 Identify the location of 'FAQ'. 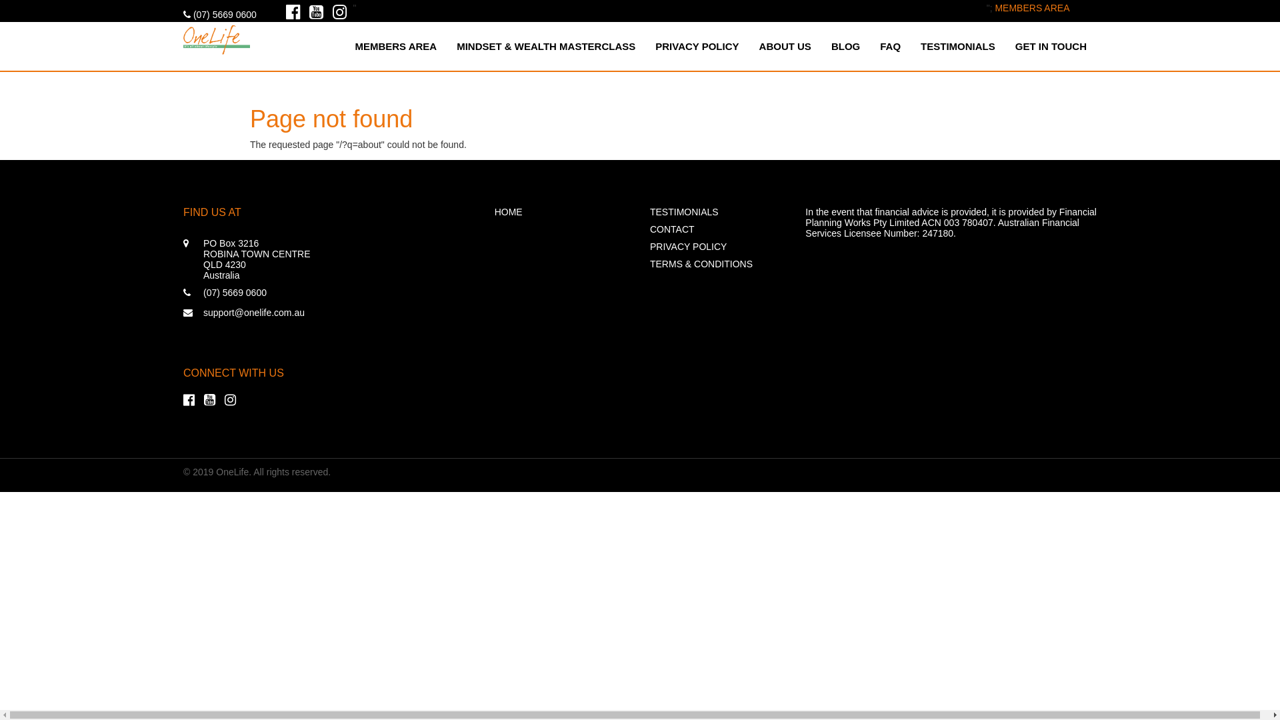
(890, 45).